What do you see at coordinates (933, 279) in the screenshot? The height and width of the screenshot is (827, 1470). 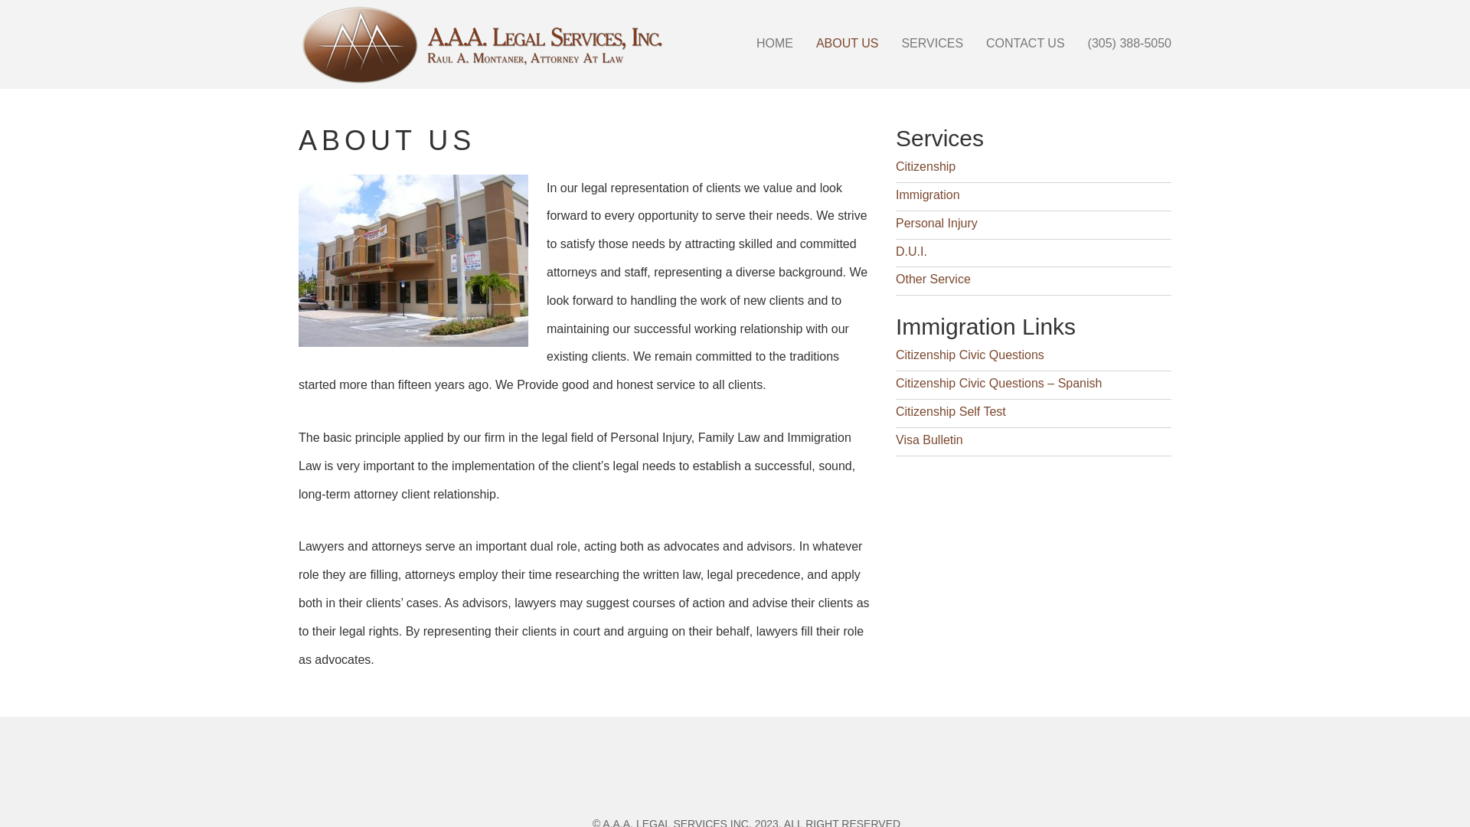 I see `'Other Service'` at bounding box center [933, 279].